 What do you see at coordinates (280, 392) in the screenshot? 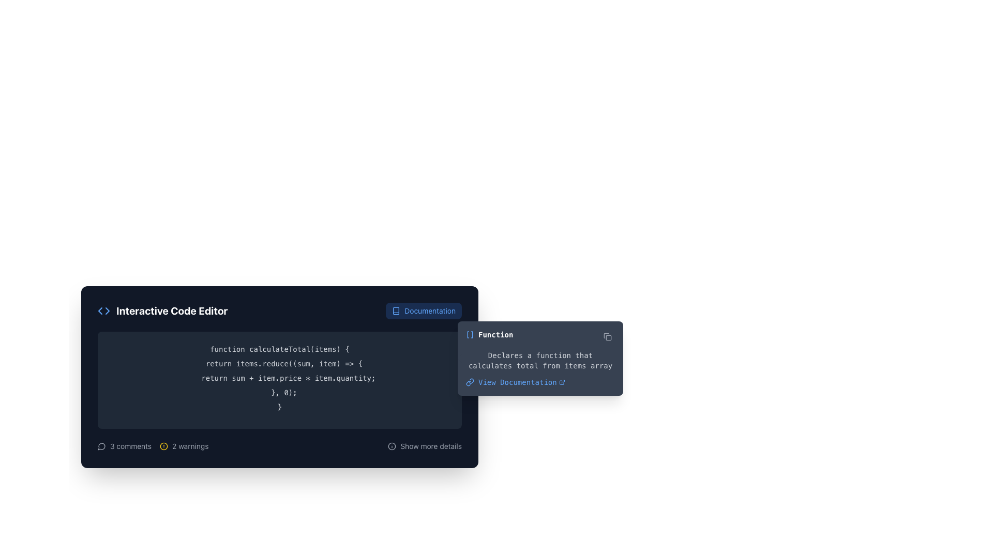
I see `the Text element representing the closing part of a JavaScript function in the code editor, positioned towards the bottom of the code block` at bounding box center [280, 392].